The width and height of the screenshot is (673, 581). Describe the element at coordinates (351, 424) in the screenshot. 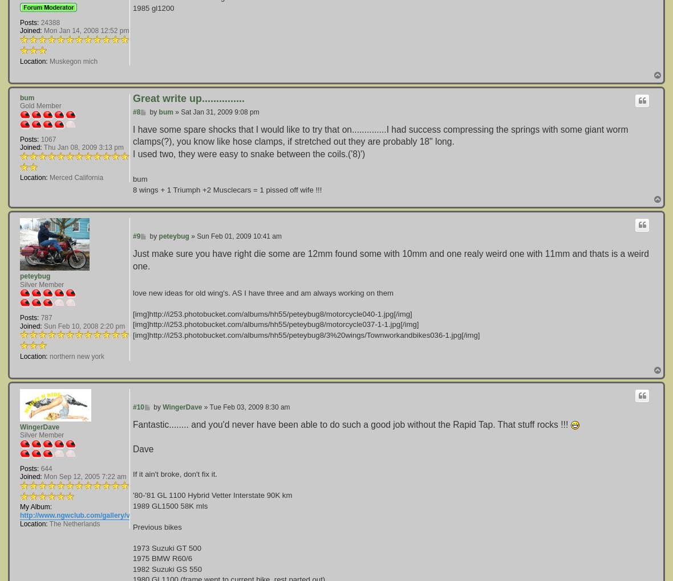

I see `'Fantastic........ and you'd never have been able to do such a good job without the Rapid Tap. That stuff rocks !!!'` at that location.